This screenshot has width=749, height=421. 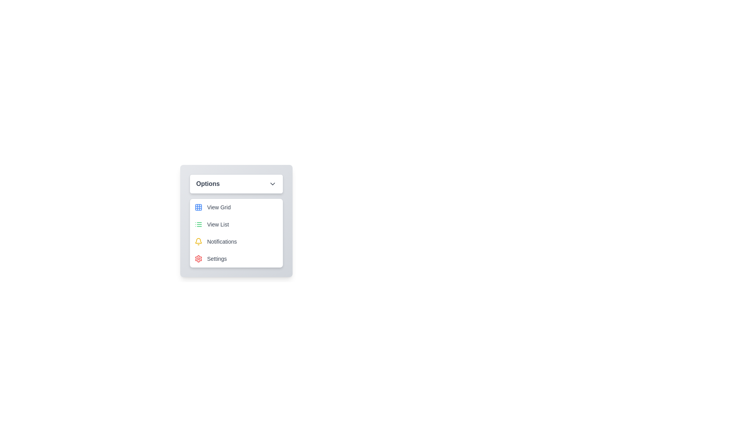 I want to click on text label that is the third item in the vertical list of options, located below the 'View List' option and above the 'Settings' option, so click(x=222, y=241).